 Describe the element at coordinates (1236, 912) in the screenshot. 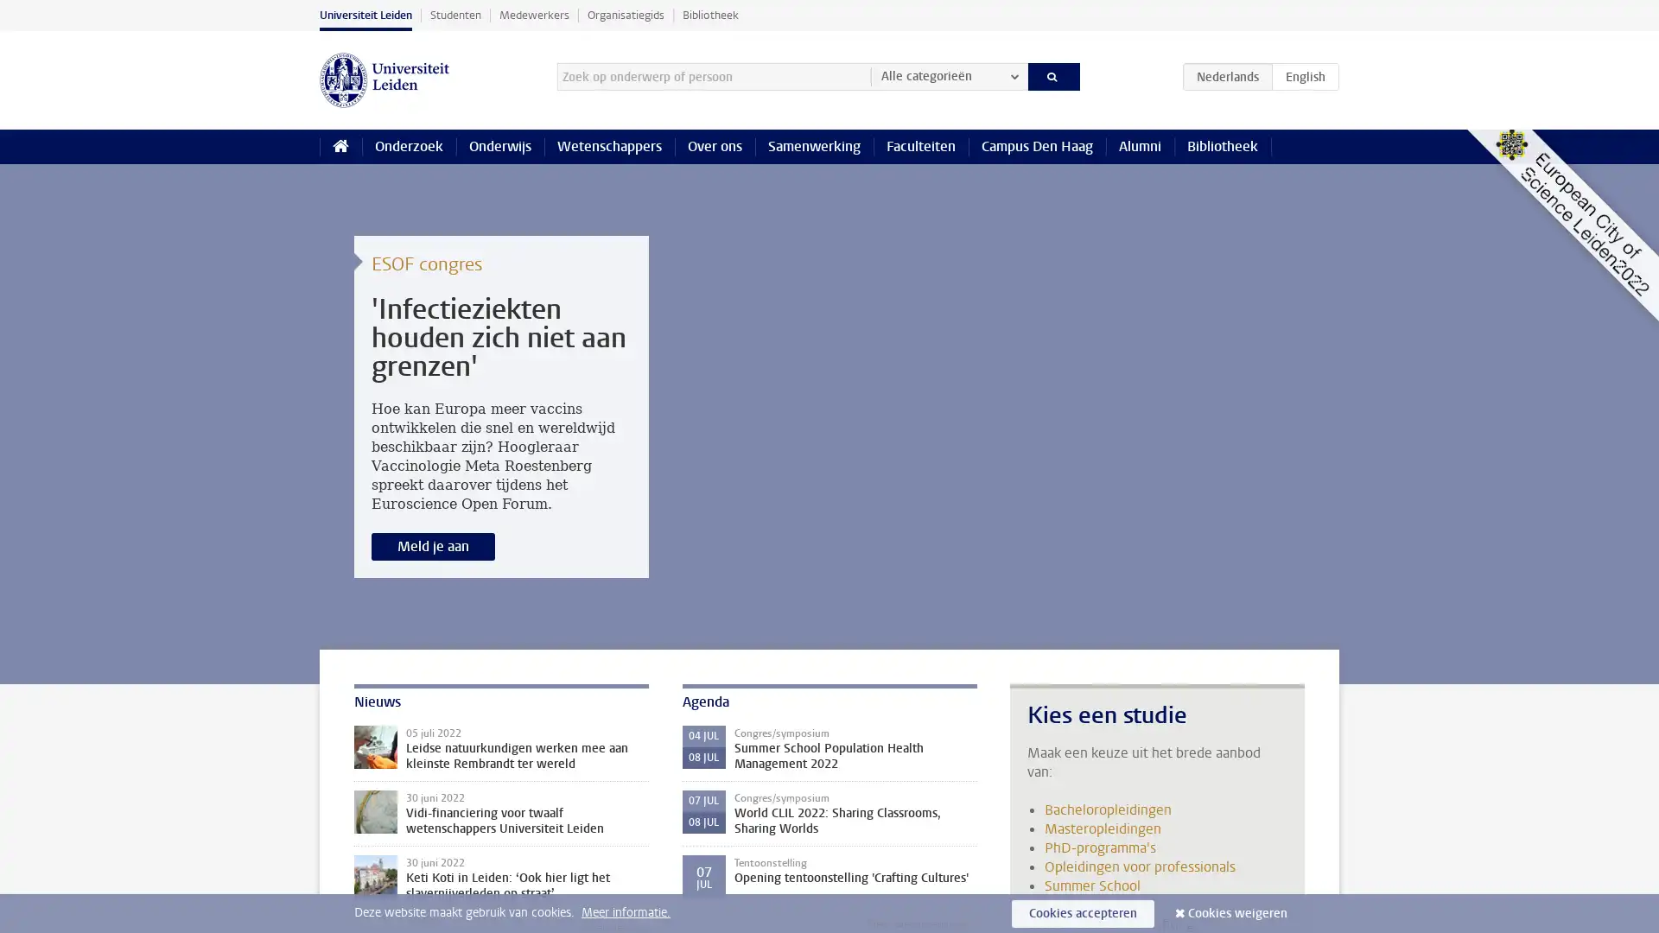

I see `Cookies weigeren` at that location.